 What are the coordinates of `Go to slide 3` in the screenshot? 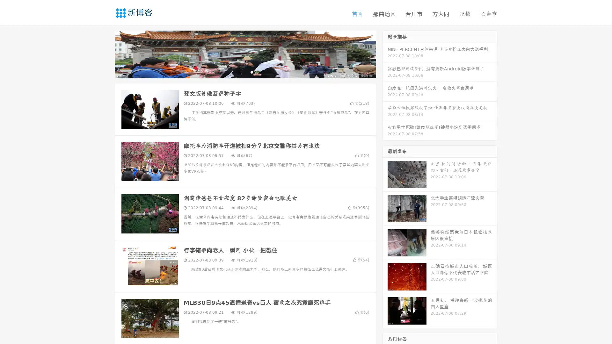 It's located at (251, 72).